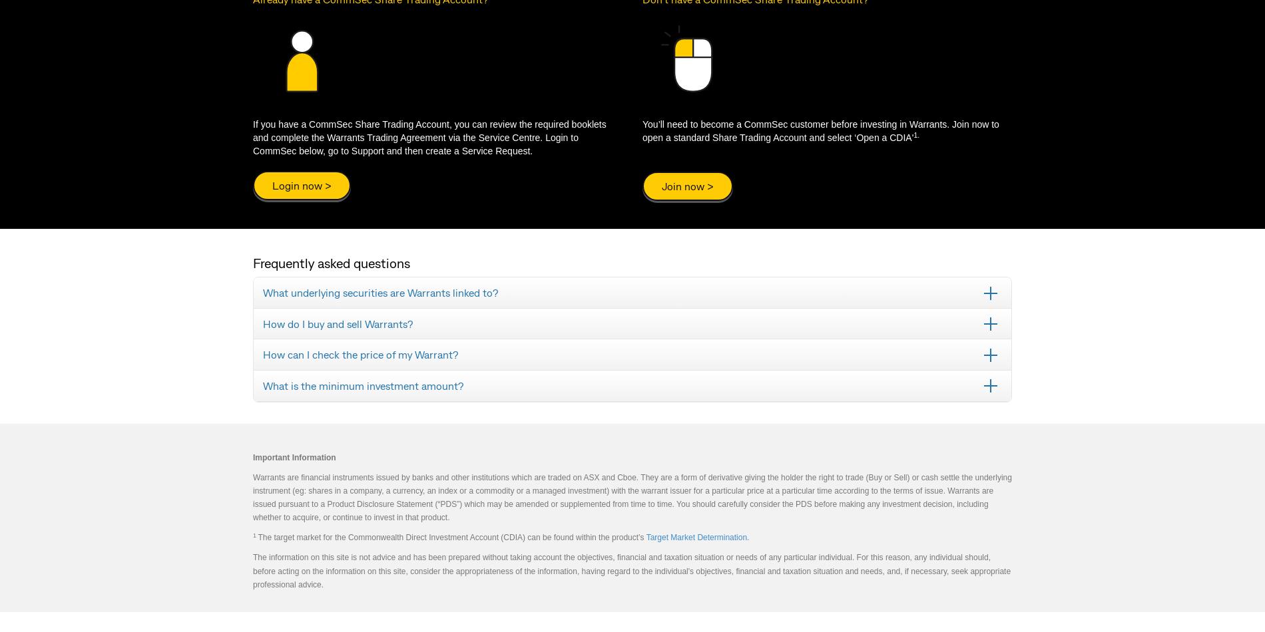 The image size is (1265, 632). Describe the element at coordinates (293, 457) in the screenshot. I see `'Important Information'` at that location.